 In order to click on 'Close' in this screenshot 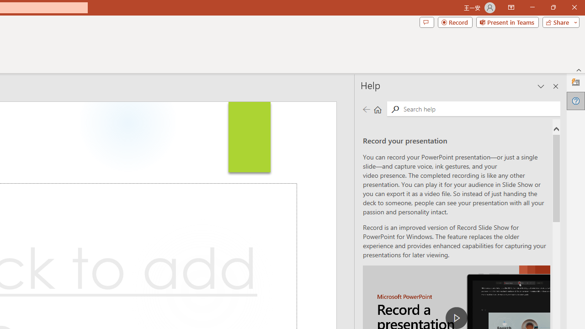, I will do `click(574, 7)`.